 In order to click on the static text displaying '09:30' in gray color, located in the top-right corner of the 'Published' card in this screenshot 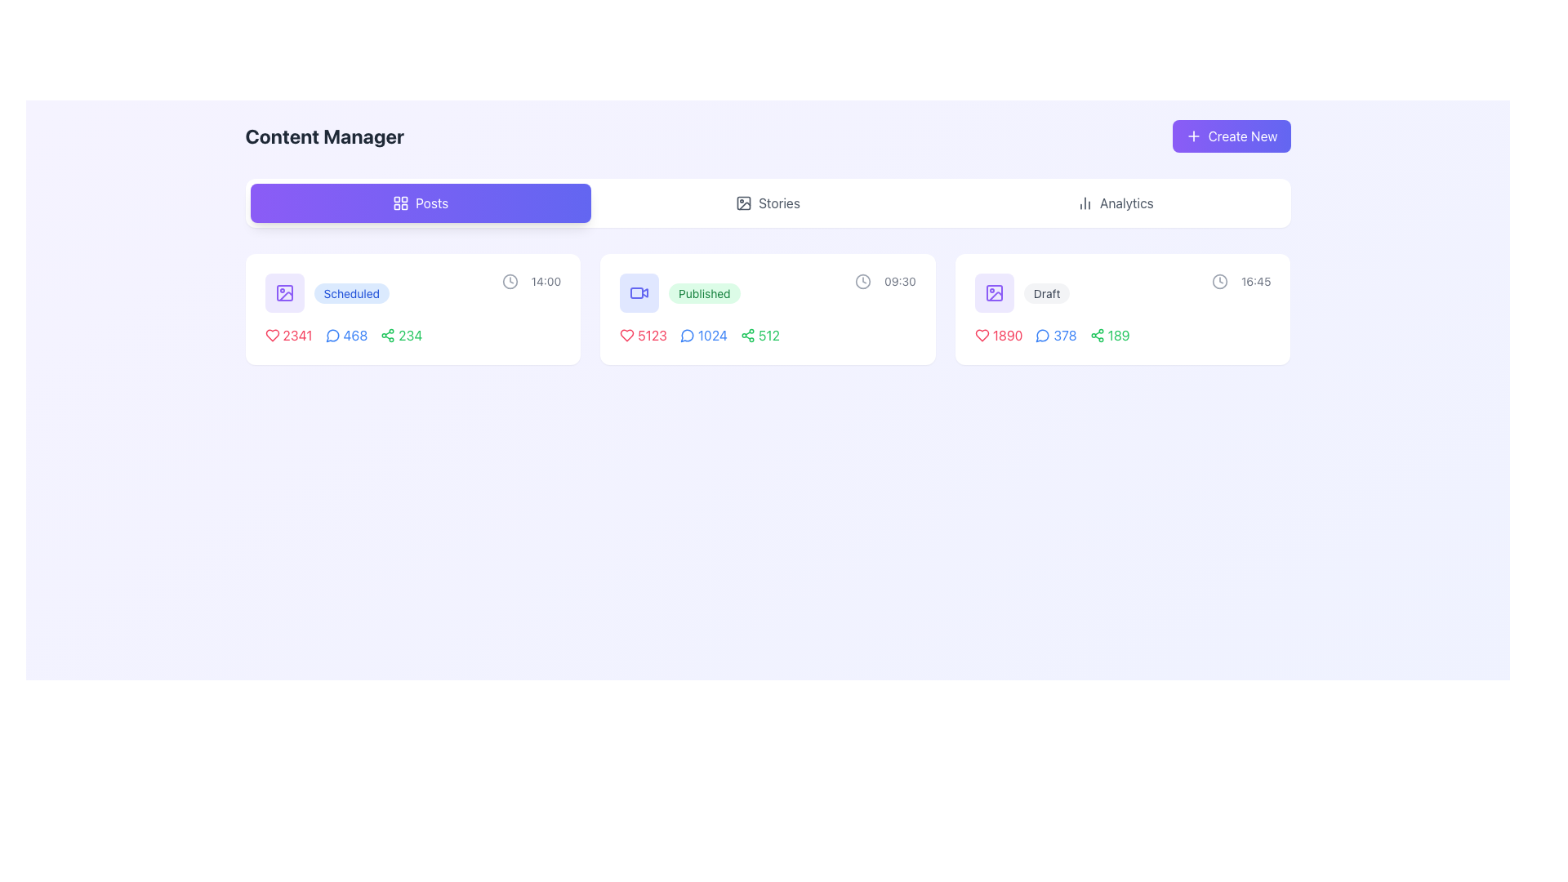, I will do `click(899, 280)`.